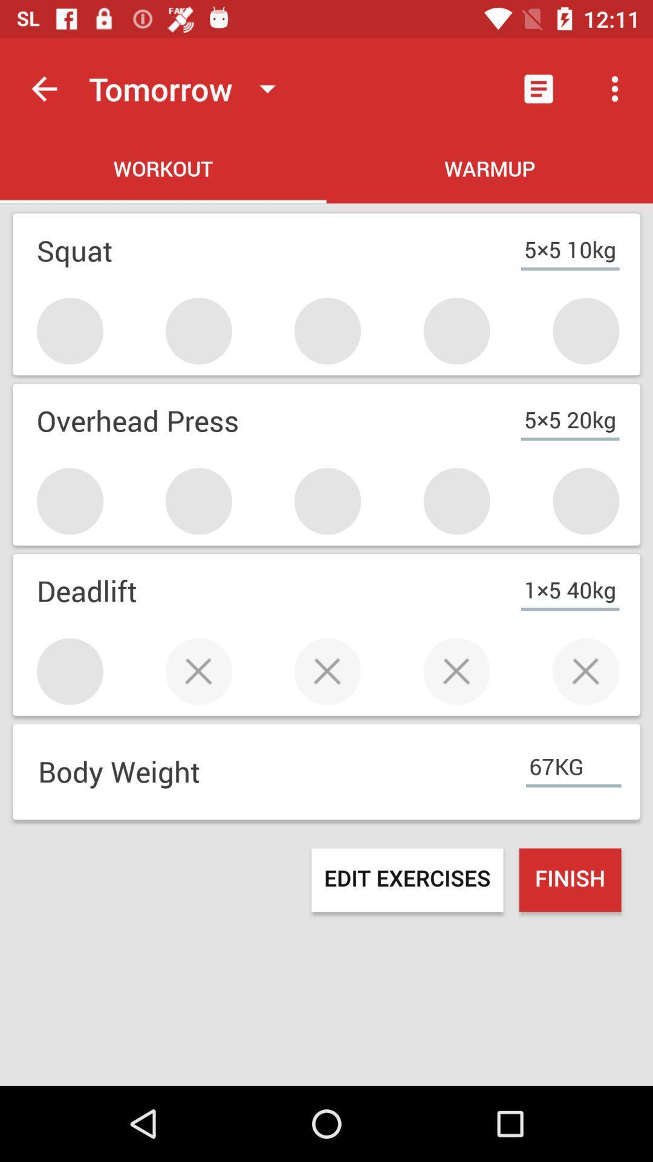  I want to click on 67kg item, so click(573, 761).